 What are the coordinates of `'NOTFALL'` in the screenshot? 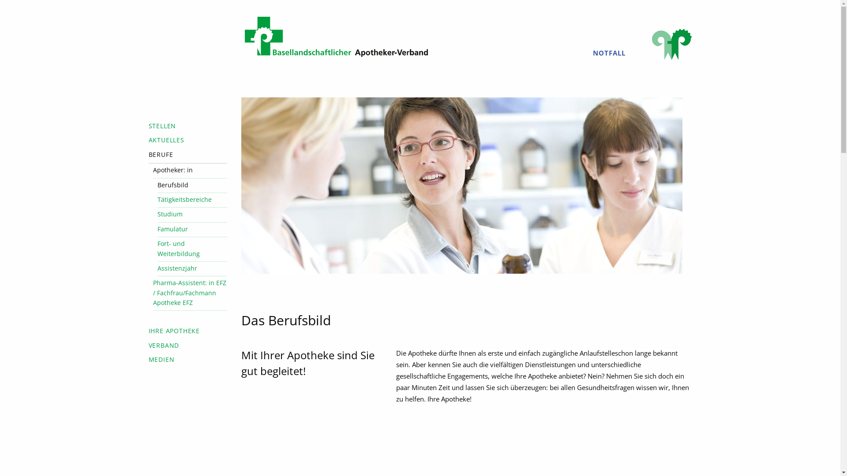 It's located at (609, 52).